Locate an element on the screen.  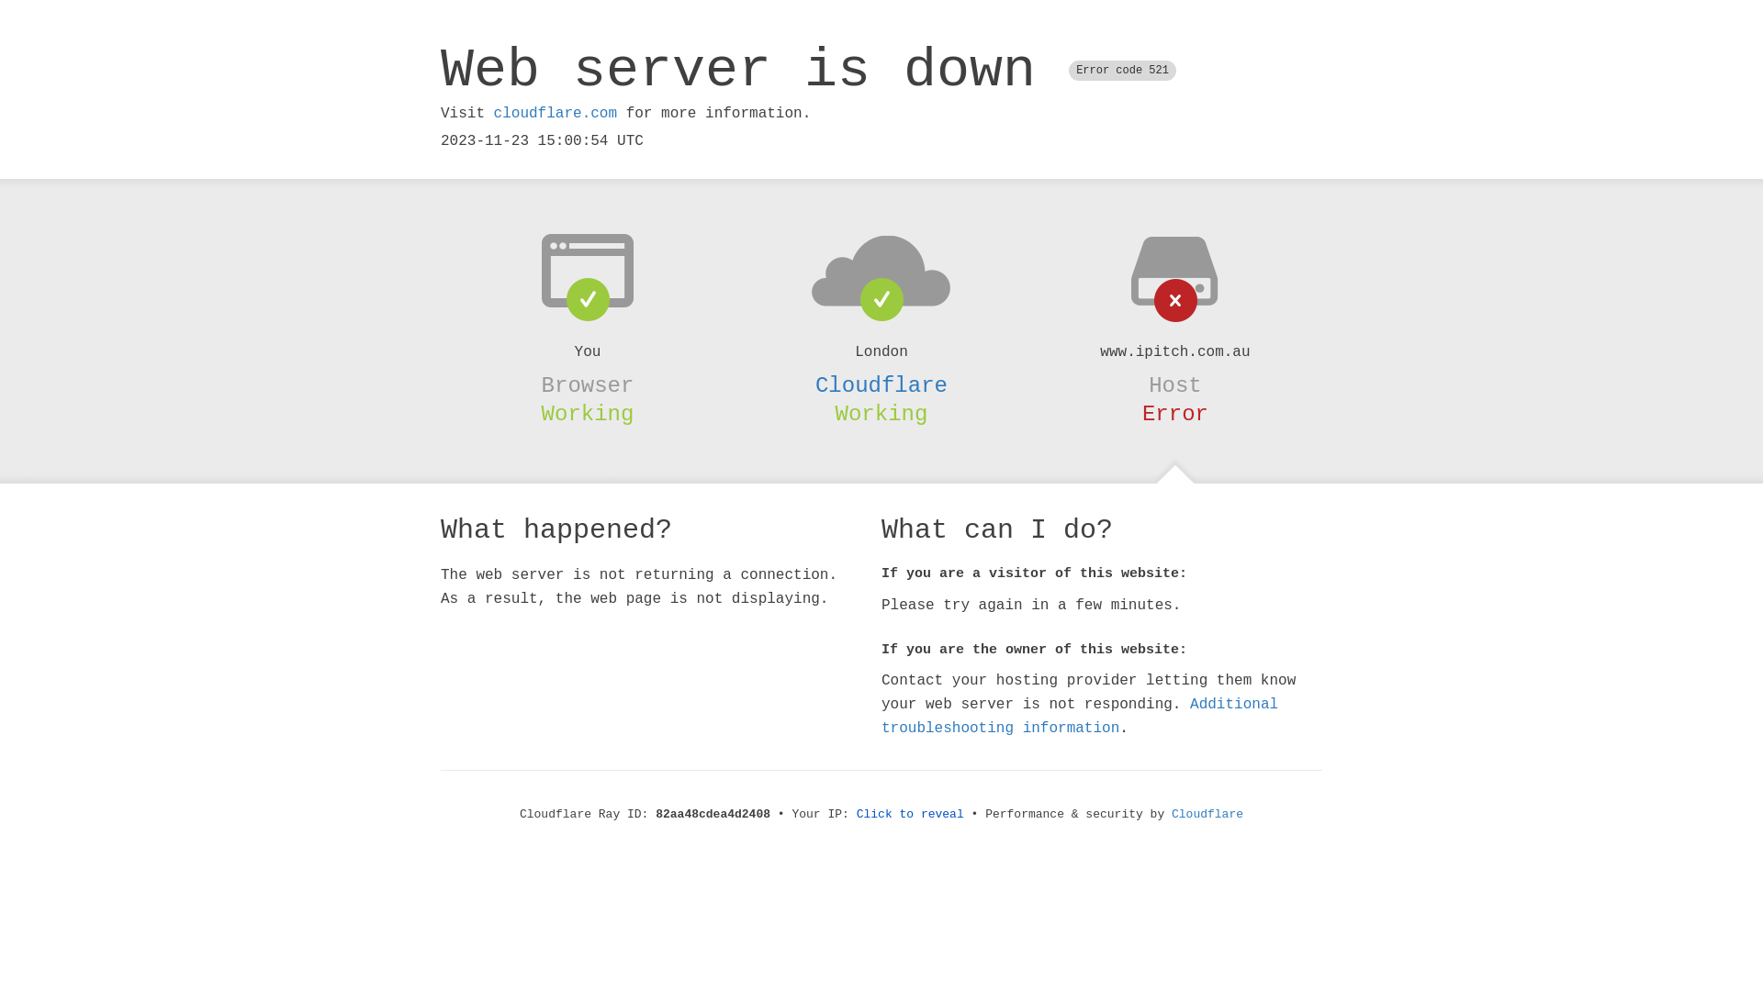
'Cloudflare' is located at coordinates (881, 384).